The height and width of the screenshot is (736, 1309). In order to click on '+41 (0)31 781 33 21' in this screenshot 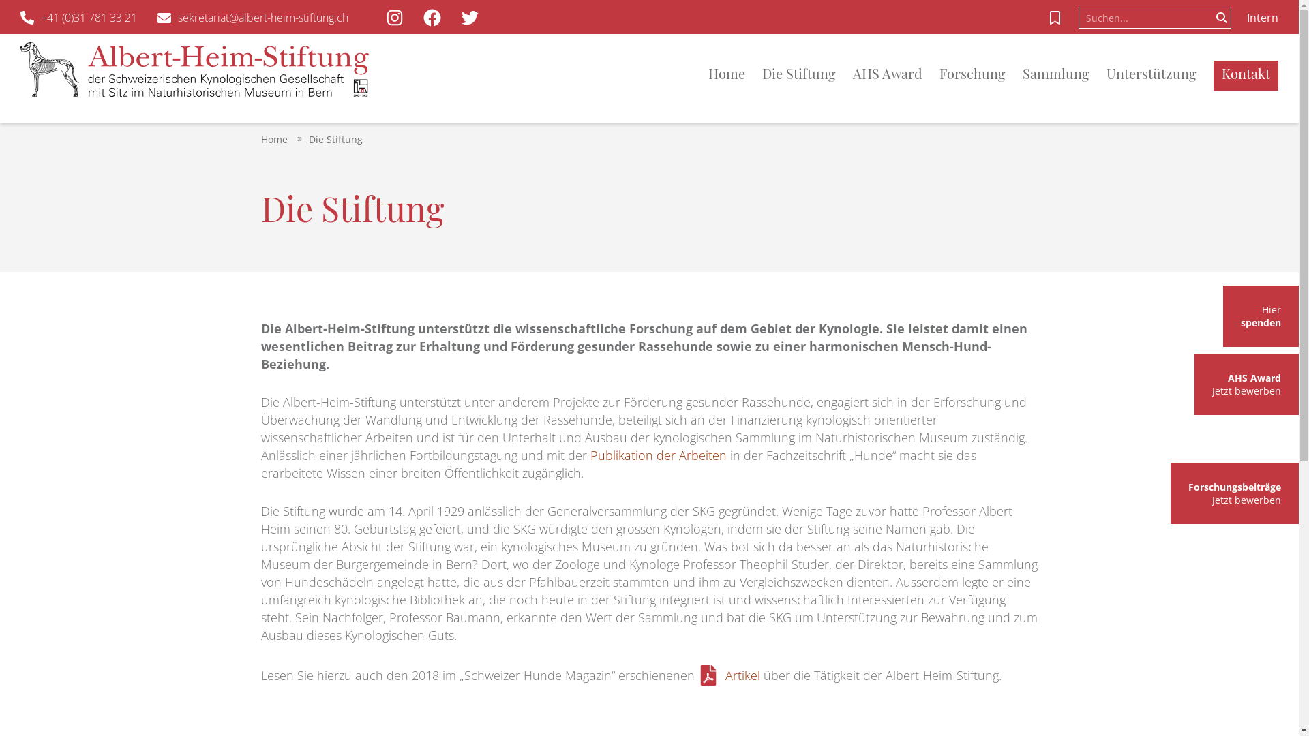, I will do `click(78, 18)`.